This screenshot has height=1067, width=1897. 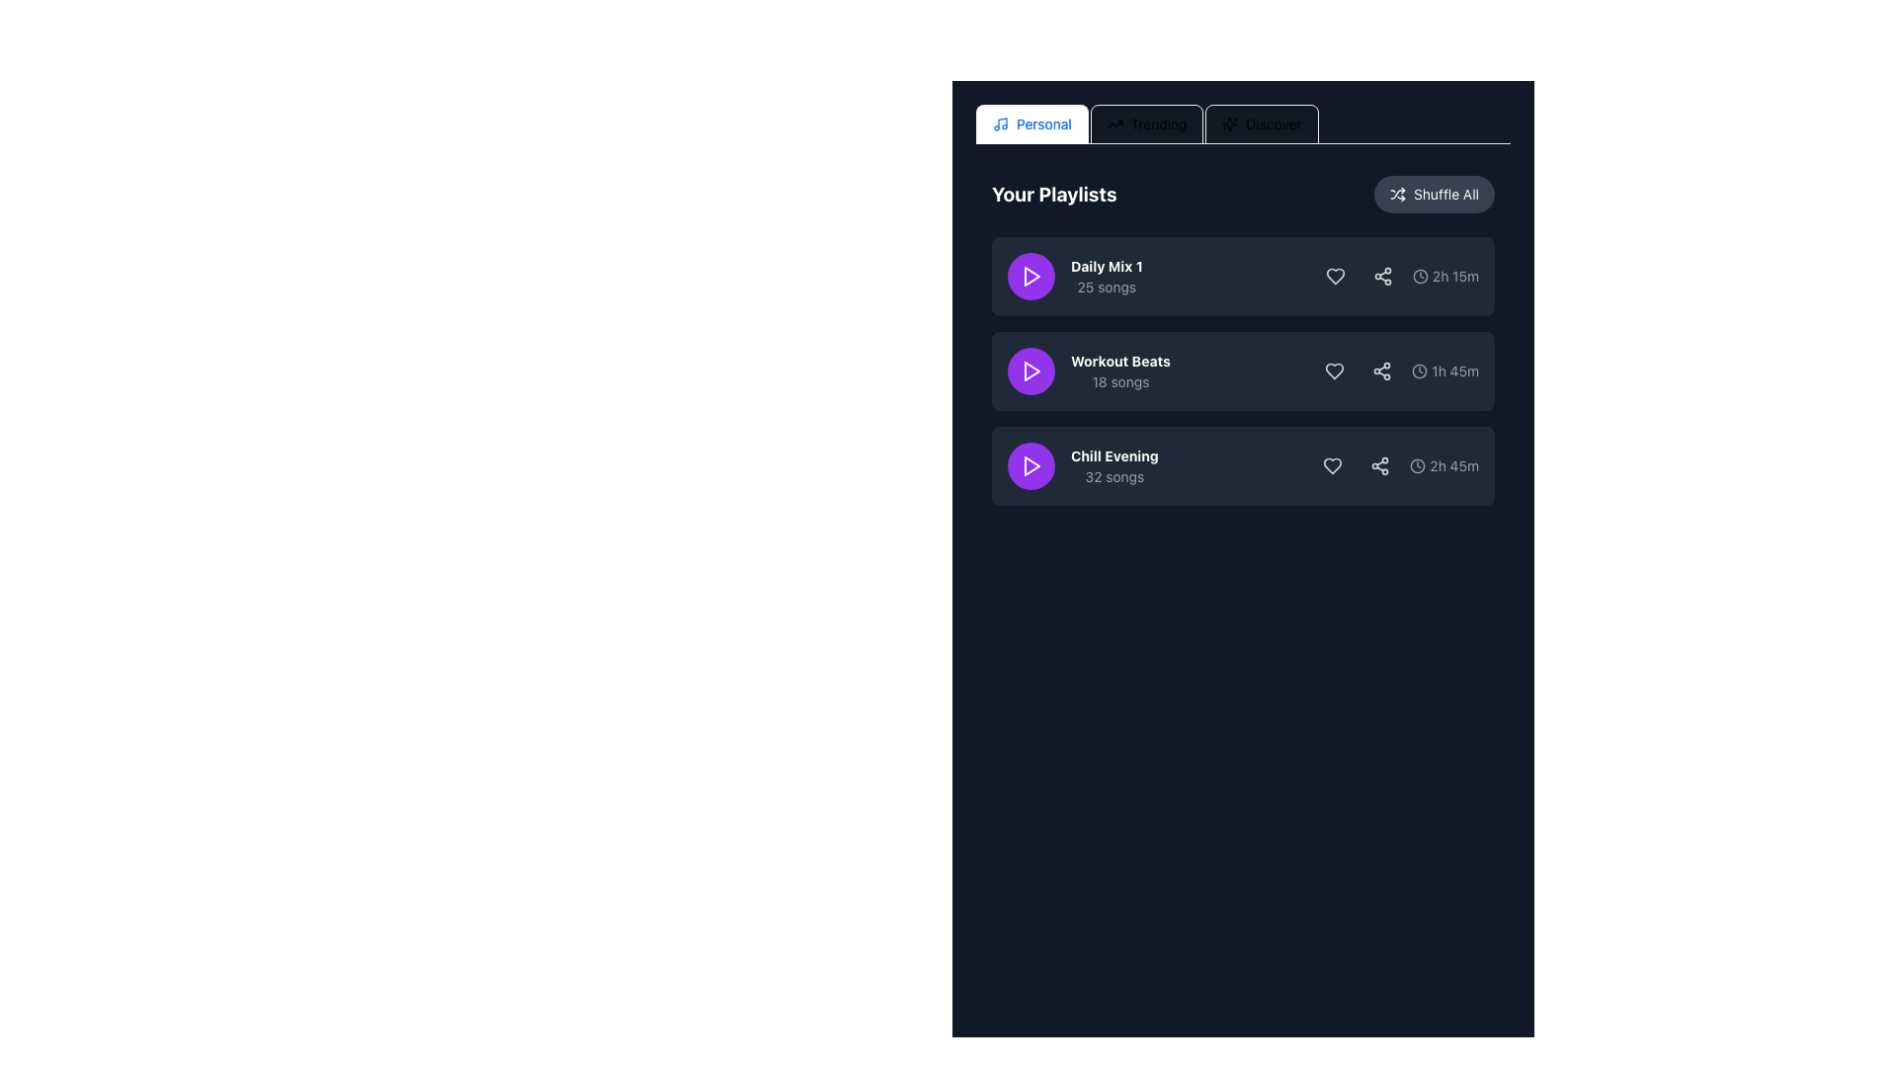 What do you see at coordinates (1379, 465) in the screenshot?
I see `the share button located between the heart-shaped button and the text '2h 45m' in the 'Chill Evening' playlist section` at bounding box center [1379, 465].